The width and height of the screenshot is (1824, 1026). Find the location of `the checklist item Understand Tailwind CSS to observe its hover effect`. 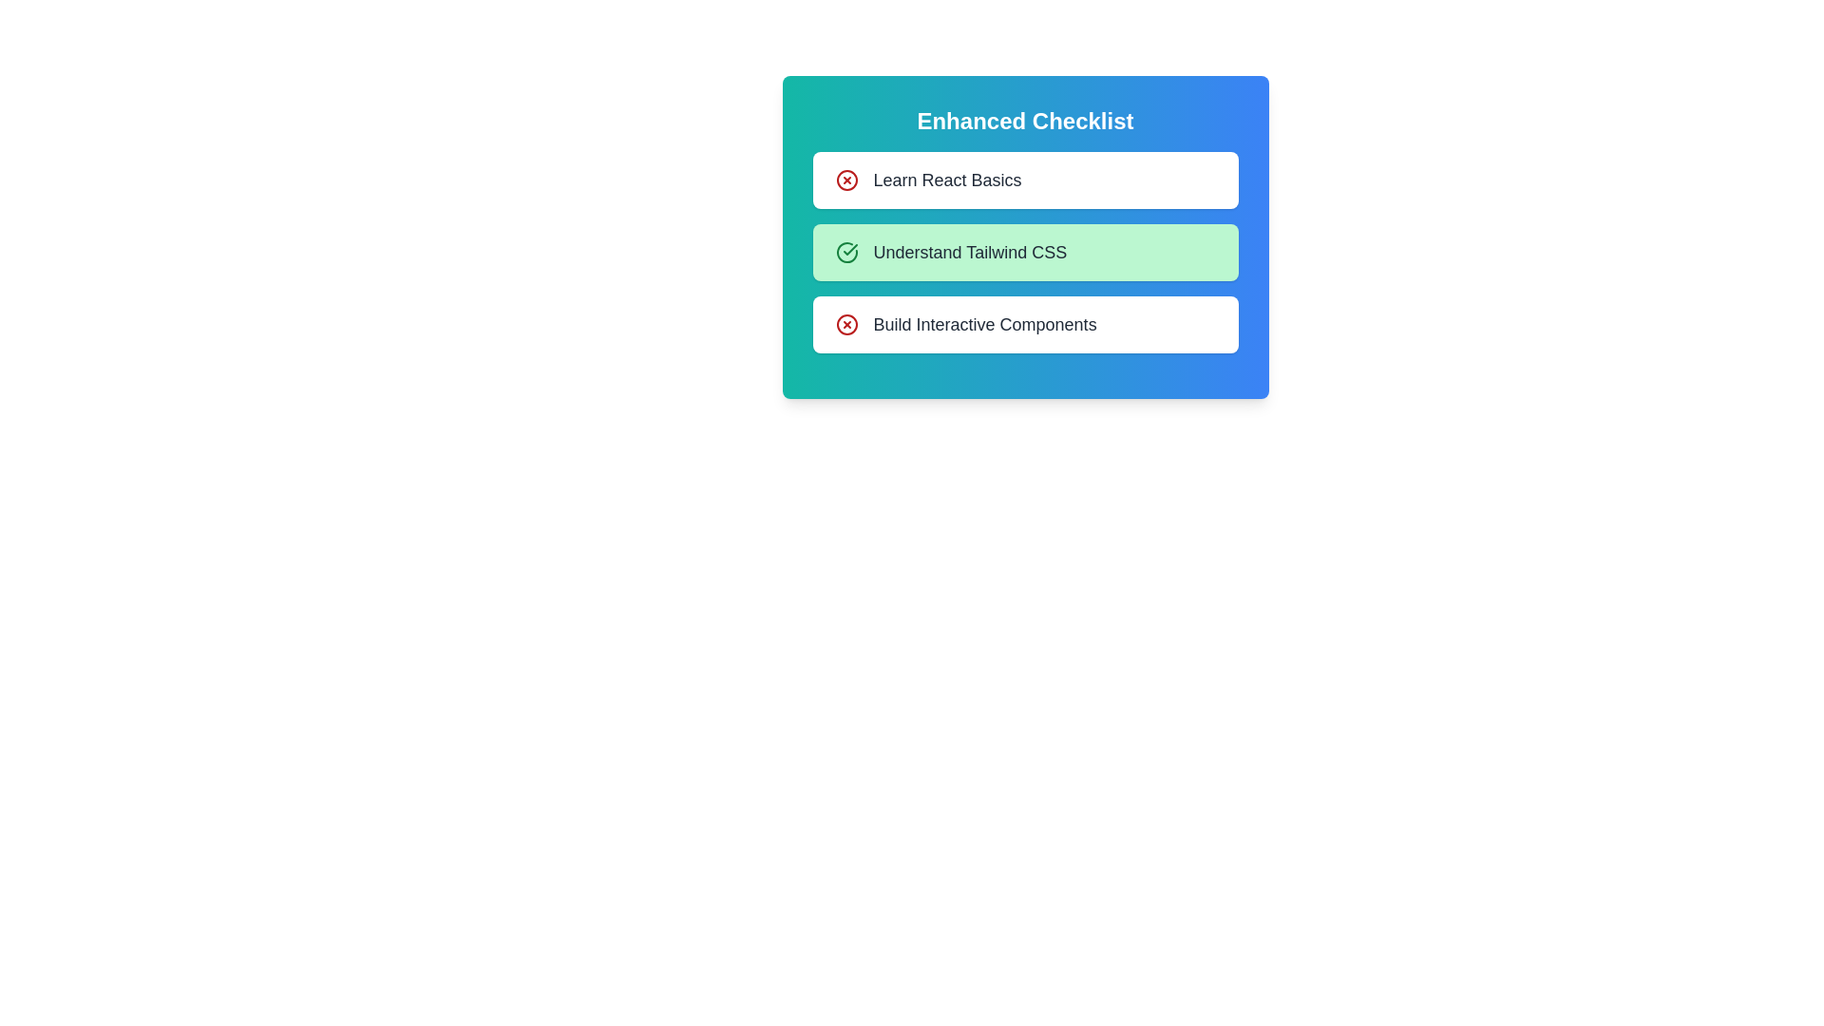

the checklist item Understand Tailwind CSS to observe its hover effect is located at coordinates (1024, 252).